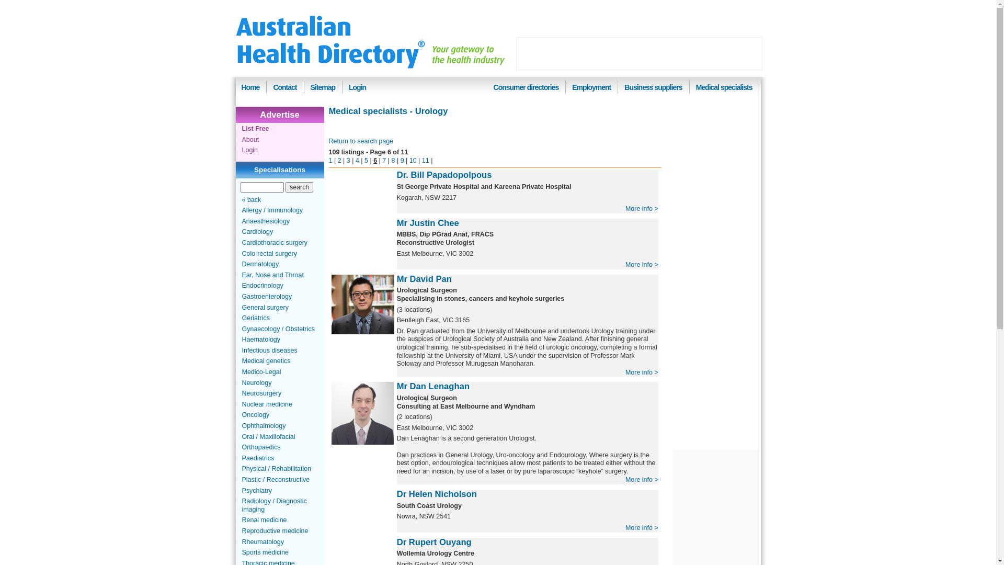 Image resolution: width=1004 pixels, height=565 pixels. Describe the element at coordinates (396, 386) in the screenshot. I see `'Mr Dan Lenaghan'` at that location.